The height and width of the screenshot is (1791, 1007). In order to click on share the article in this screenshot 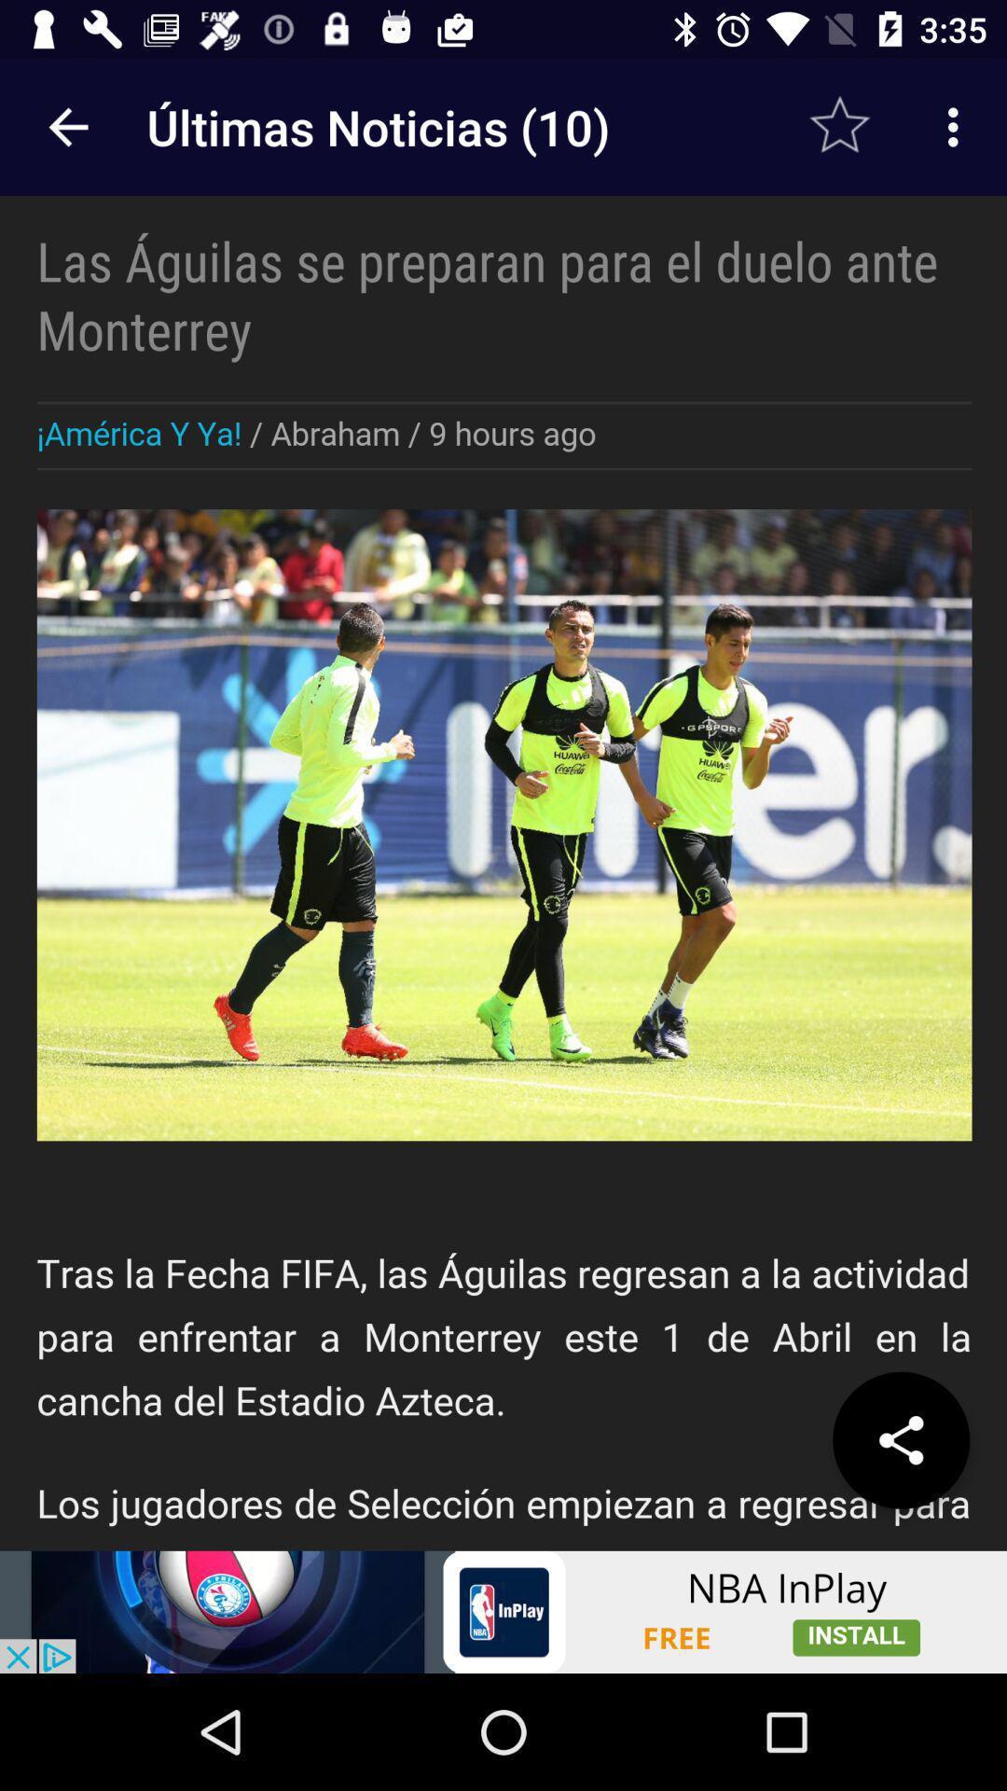, I will do `click(900, 1439)`.